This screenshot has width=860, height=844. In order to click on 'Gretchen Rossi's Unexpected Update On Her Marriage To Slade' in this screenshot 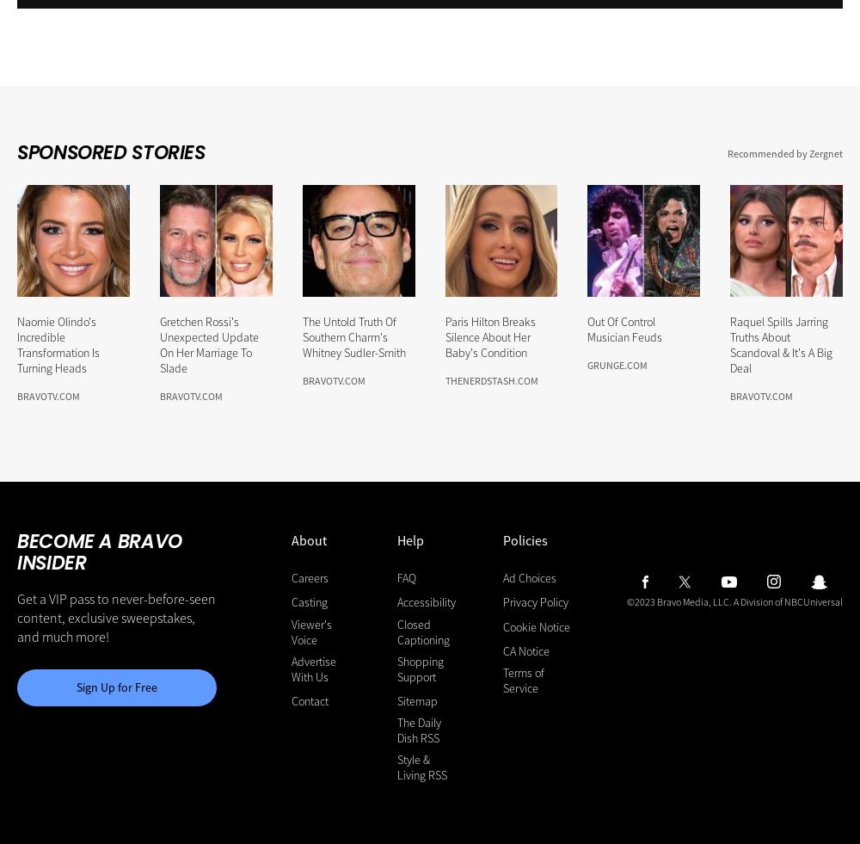, I will do `click(207, 344)`.